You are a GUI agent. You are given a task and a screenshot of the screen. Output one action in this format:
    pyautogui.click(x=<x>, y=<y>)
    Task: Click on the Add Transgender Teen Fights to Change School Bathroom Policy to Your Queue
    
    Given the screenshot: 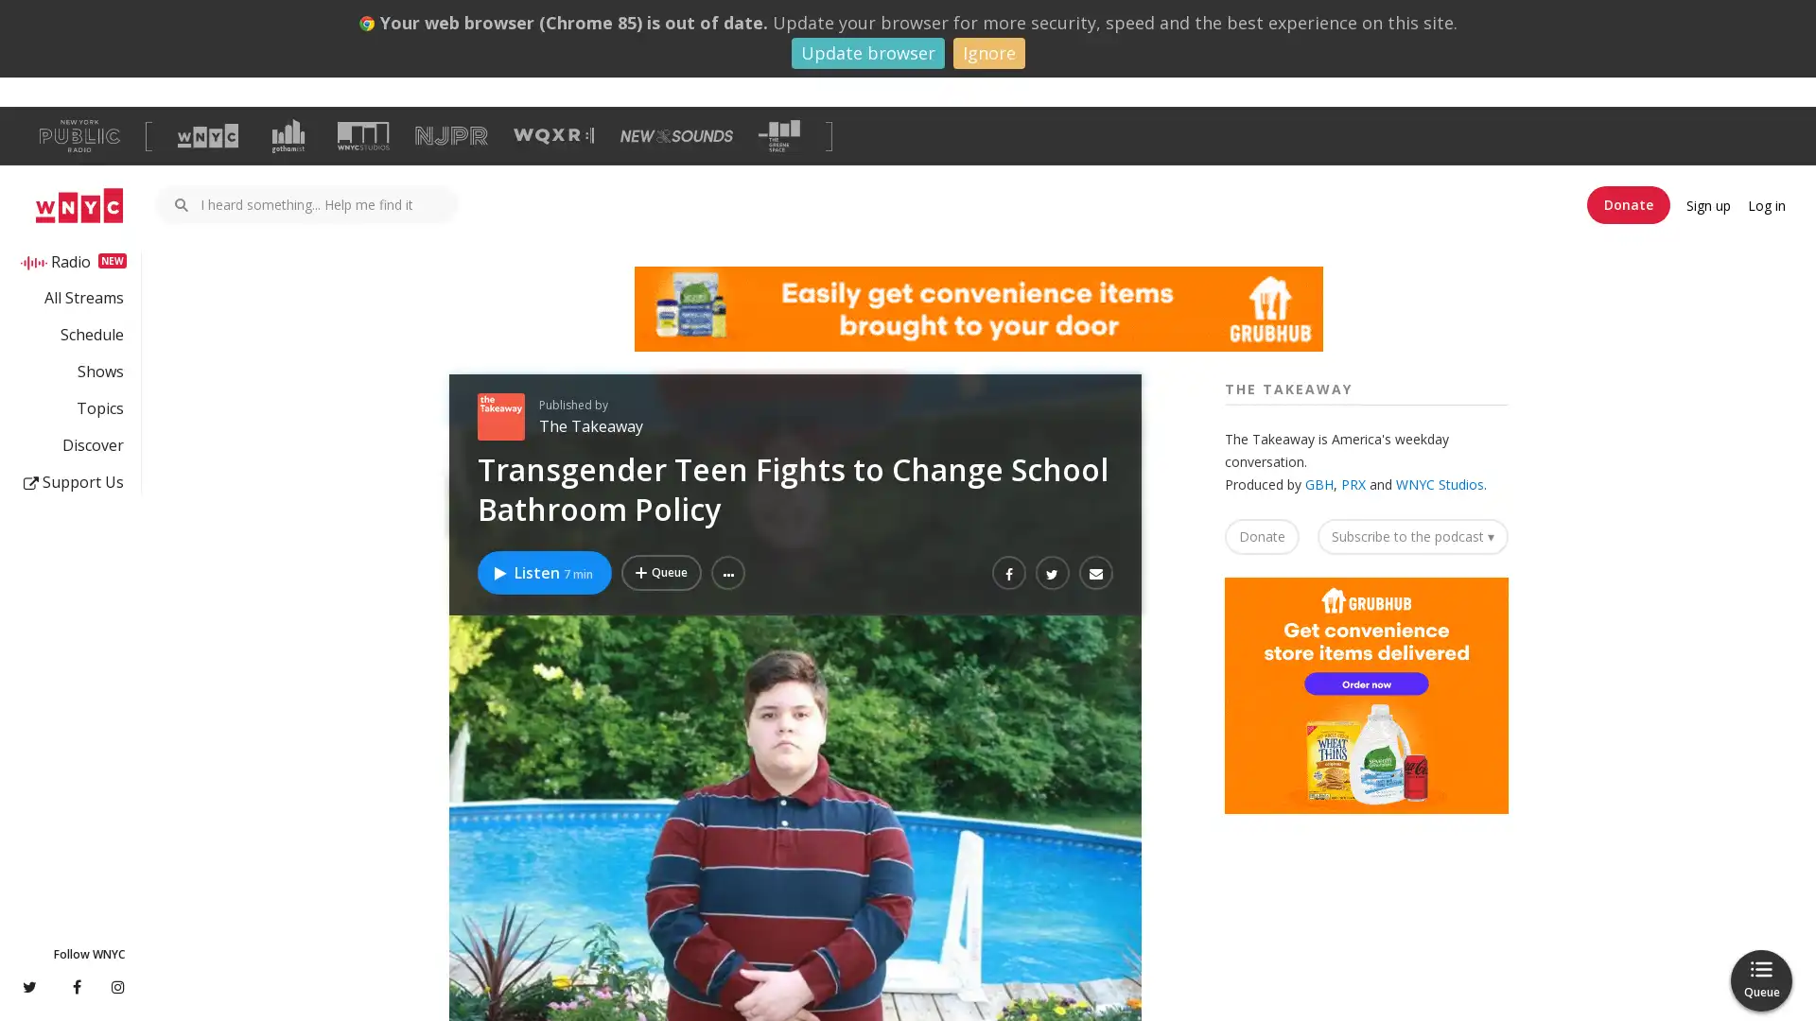 What is the action you would take?
    pyautogui.click(x=661, y=571)
    